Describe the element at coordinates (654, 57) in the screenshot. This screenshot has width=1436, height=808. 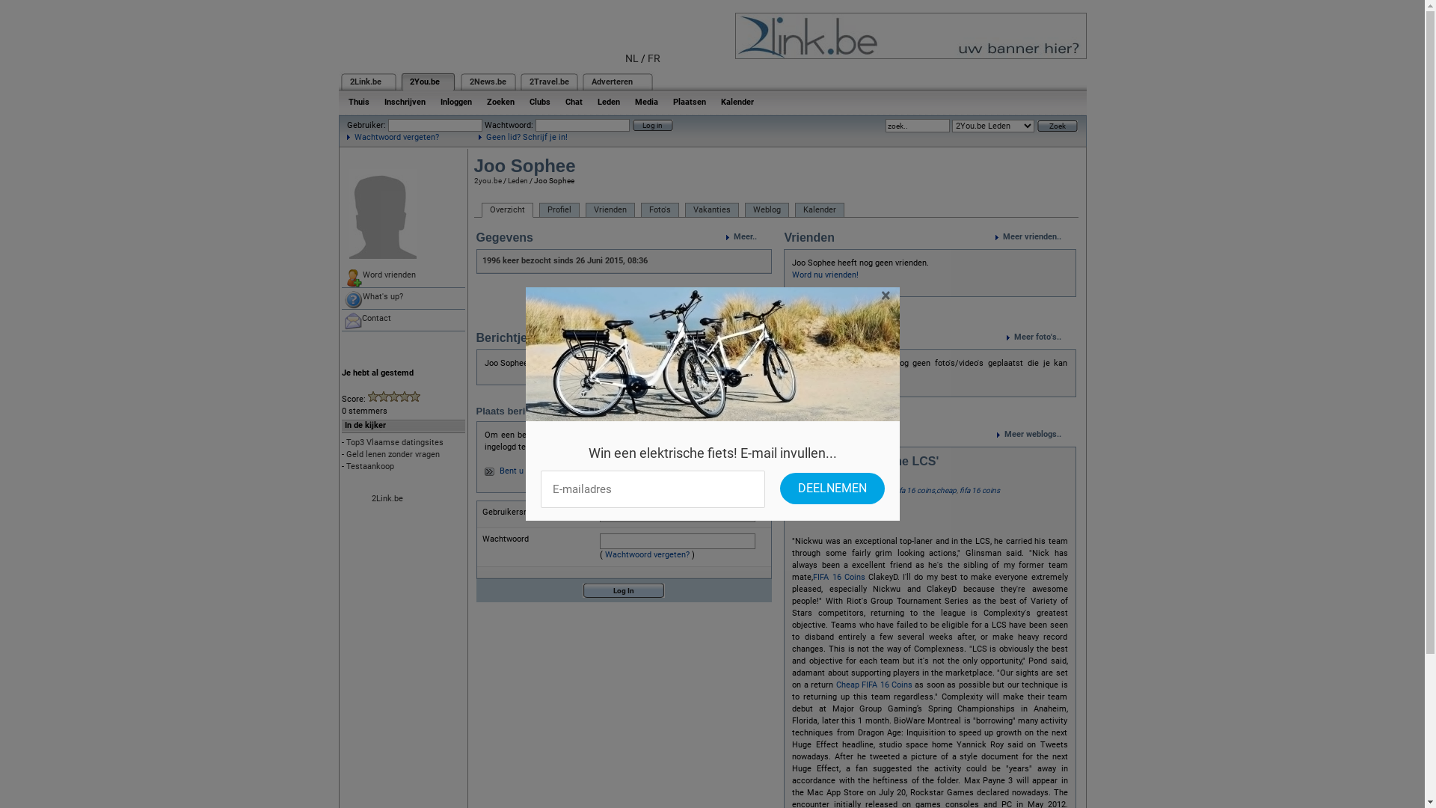
I see `'FR'` at that location.